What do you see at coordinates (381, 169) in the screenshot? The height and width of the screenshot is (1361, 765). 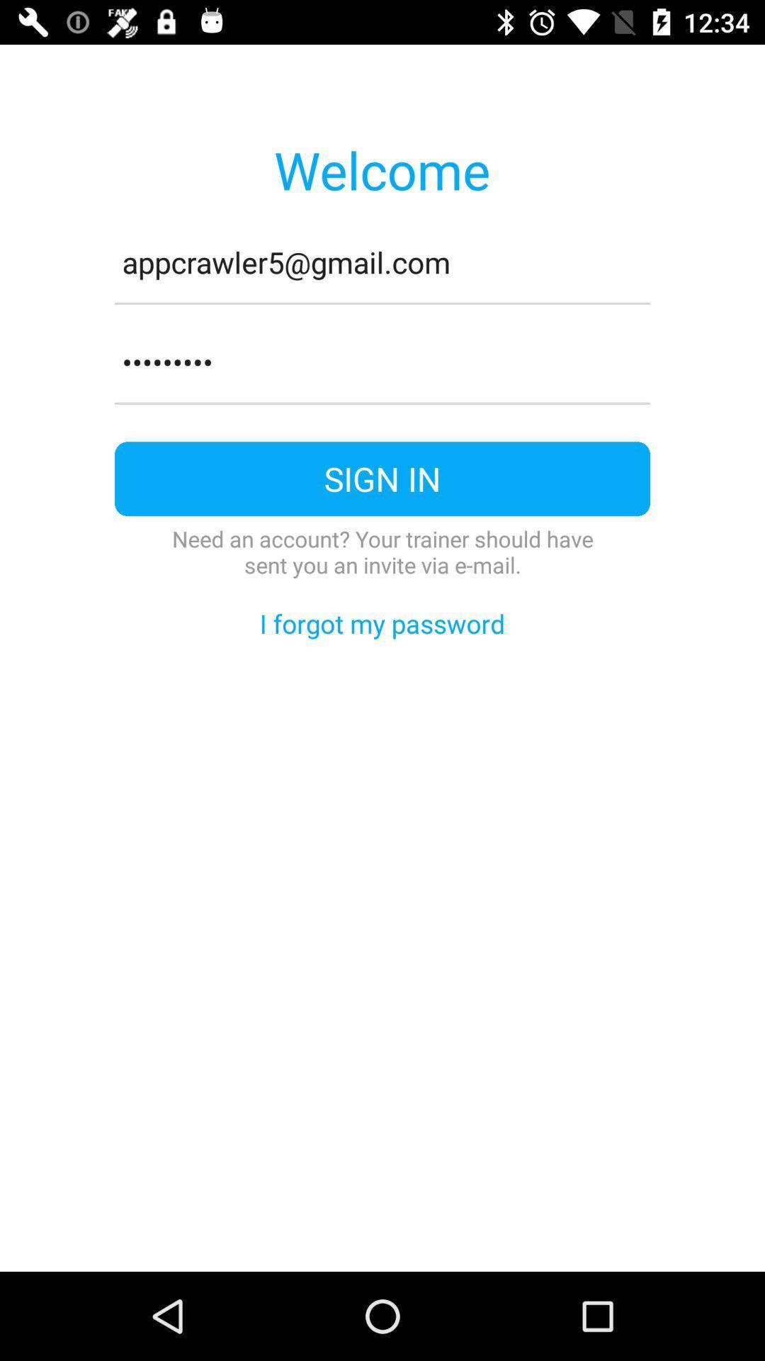 I see `the welcome icon` at bounding box center [381, 169].